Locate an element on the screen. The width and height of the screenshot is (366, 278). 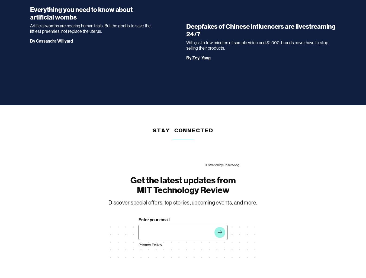
'It looks like something went wrong.' is located at coordinates (149, 219).